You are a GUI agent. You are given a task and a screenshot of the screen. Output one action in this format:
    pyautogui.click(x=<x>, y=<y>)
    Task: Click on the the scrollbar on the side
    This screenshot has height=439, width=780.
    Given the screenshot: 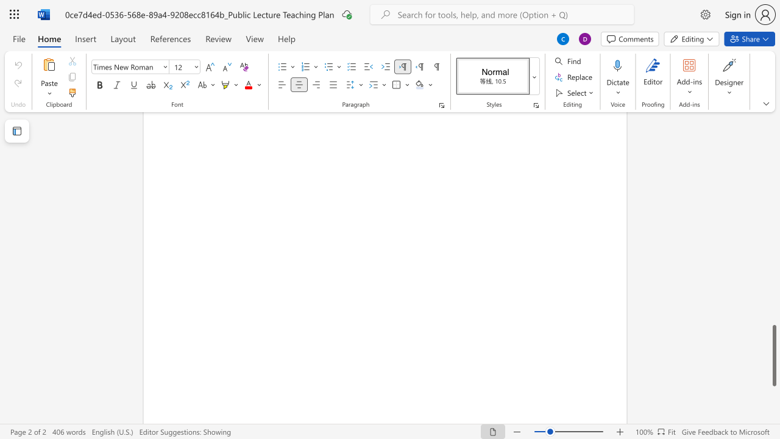 What is the action you would take?
    pyautogui.click(x=773, y=183)
    